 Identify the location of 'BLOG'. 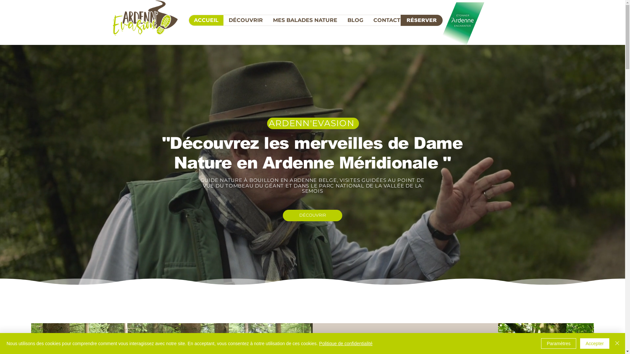
(354, 20).